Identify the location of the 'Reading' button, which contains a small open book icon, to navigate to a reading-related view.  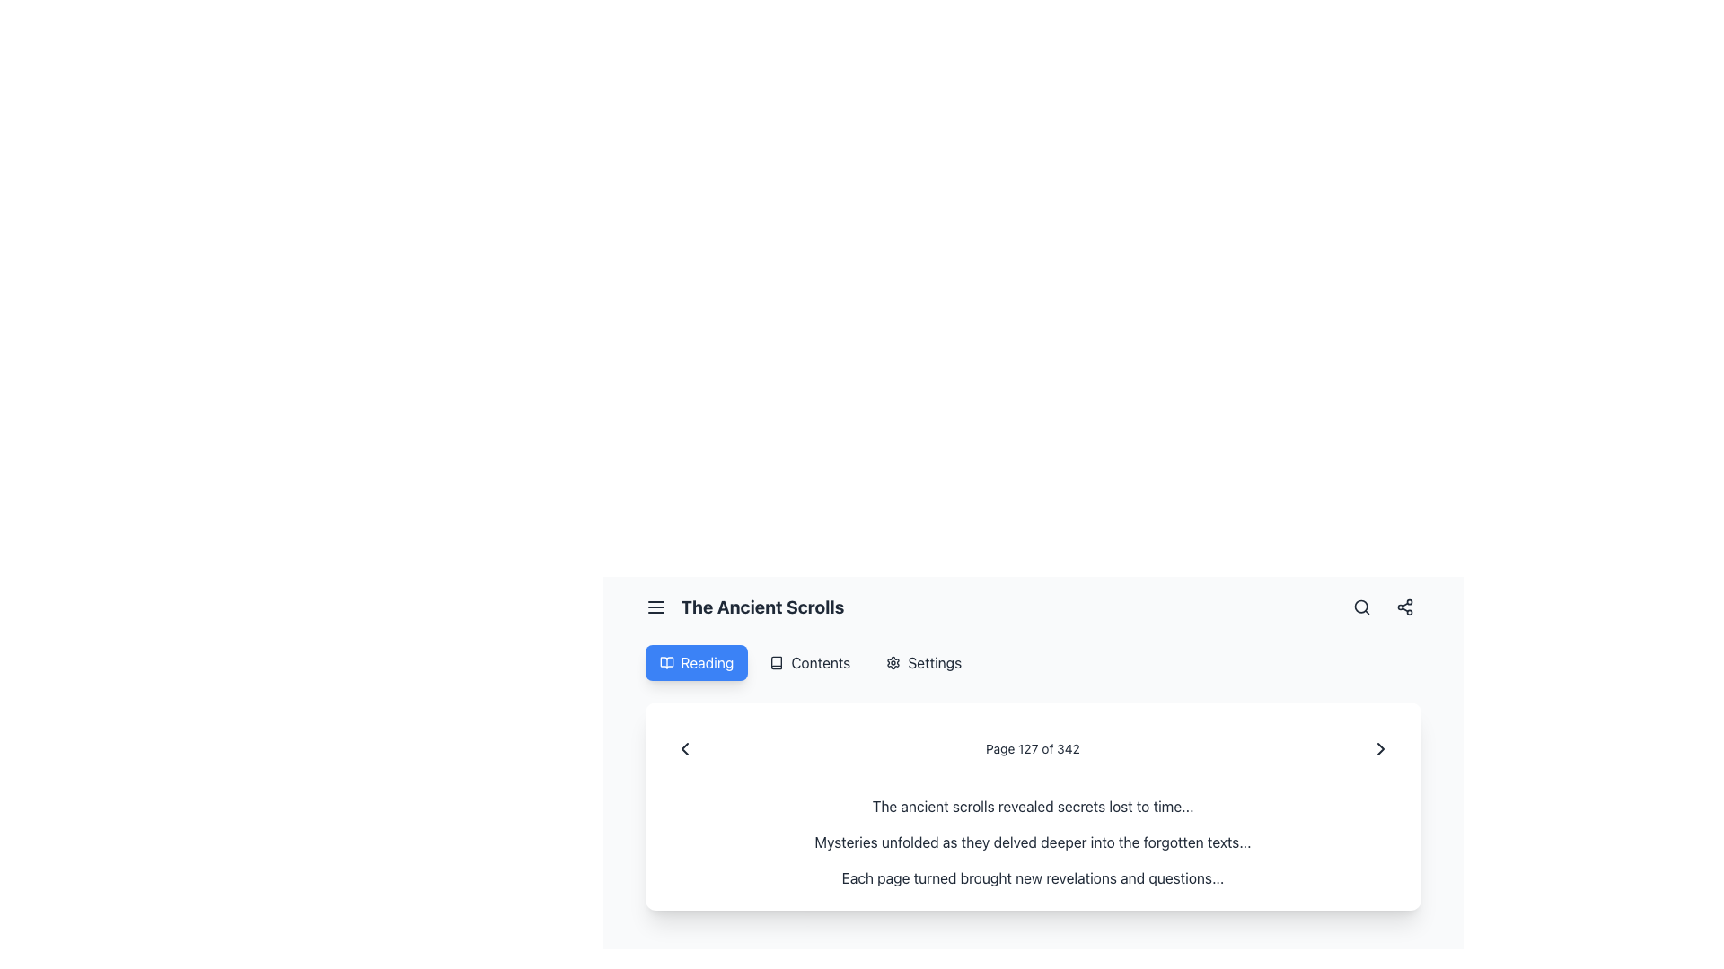
(665, 663).